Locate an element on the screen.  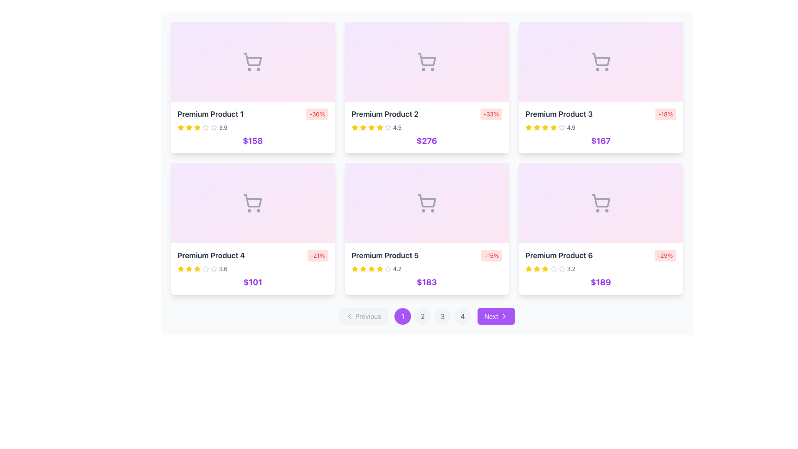
the shopping cart icon in the 'Premium Product 4' card, which is centrally aligned above the text content is located at coordinates (252, 203).